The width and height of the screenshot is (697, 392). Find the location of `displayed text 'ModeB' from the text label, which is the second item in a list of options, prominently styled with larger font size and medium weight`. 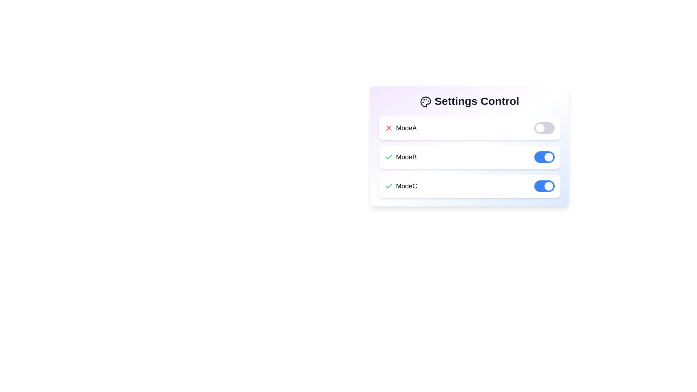

displayed text 'ModeB' from the text label, which is the second item in a list of options, prominently styled with larger font size and medium weight is located at coordinates (400, 157).